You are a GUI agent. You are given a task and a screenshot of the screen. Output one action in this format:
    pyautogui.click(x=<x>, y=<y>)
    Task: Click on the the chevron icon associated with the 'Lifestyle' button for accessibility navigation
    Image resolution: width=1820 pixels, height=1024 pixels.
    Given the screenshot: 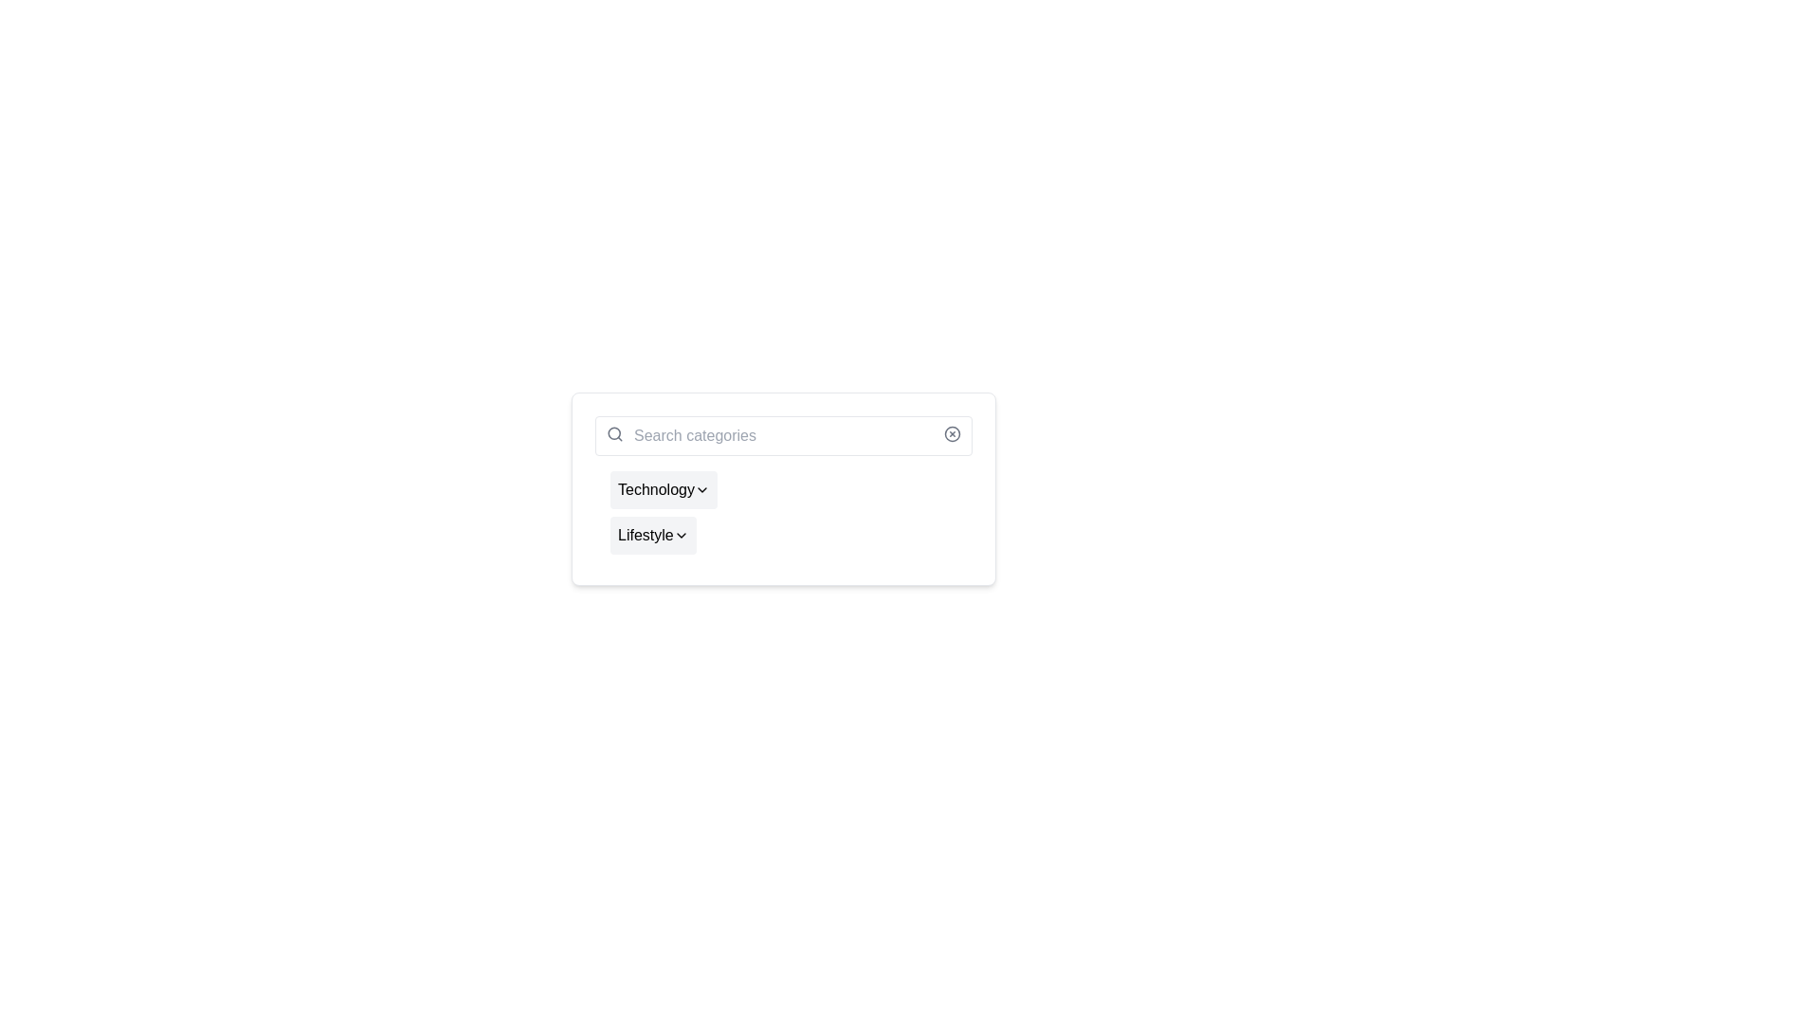 What is the action you would take?
    pyautogui.click(x=681, y=535)
    